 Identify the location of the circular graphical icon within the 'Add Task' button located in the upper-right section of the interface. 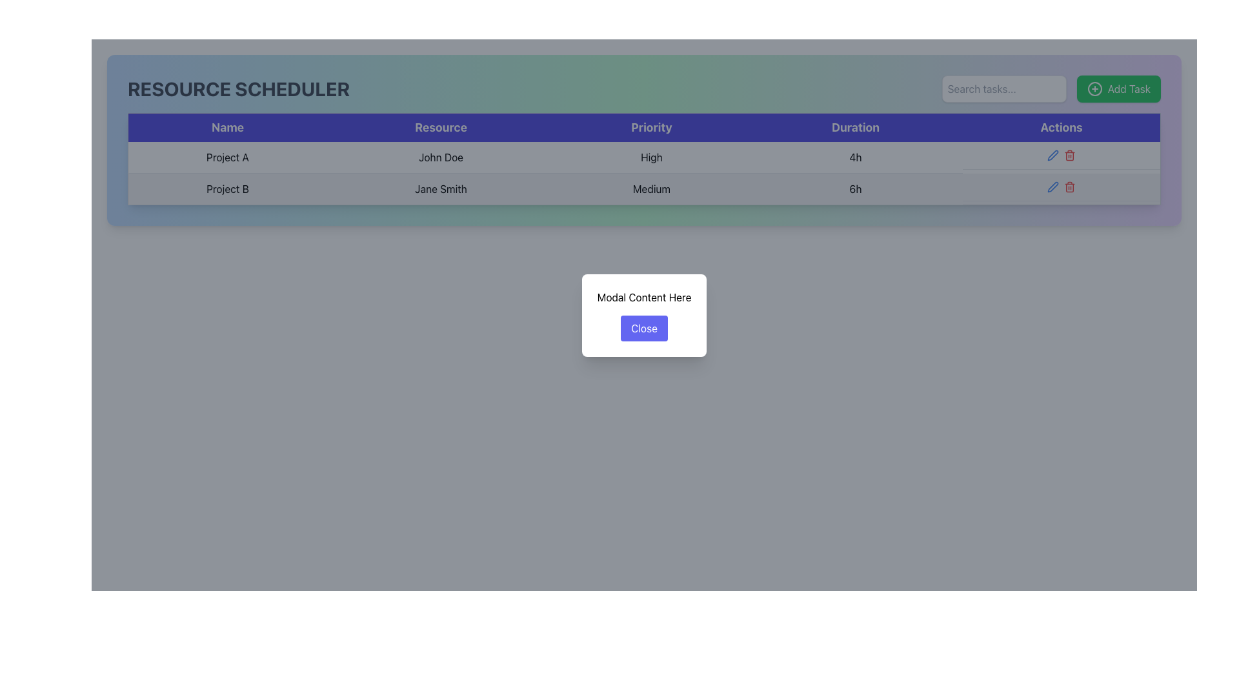
(1094, 88).